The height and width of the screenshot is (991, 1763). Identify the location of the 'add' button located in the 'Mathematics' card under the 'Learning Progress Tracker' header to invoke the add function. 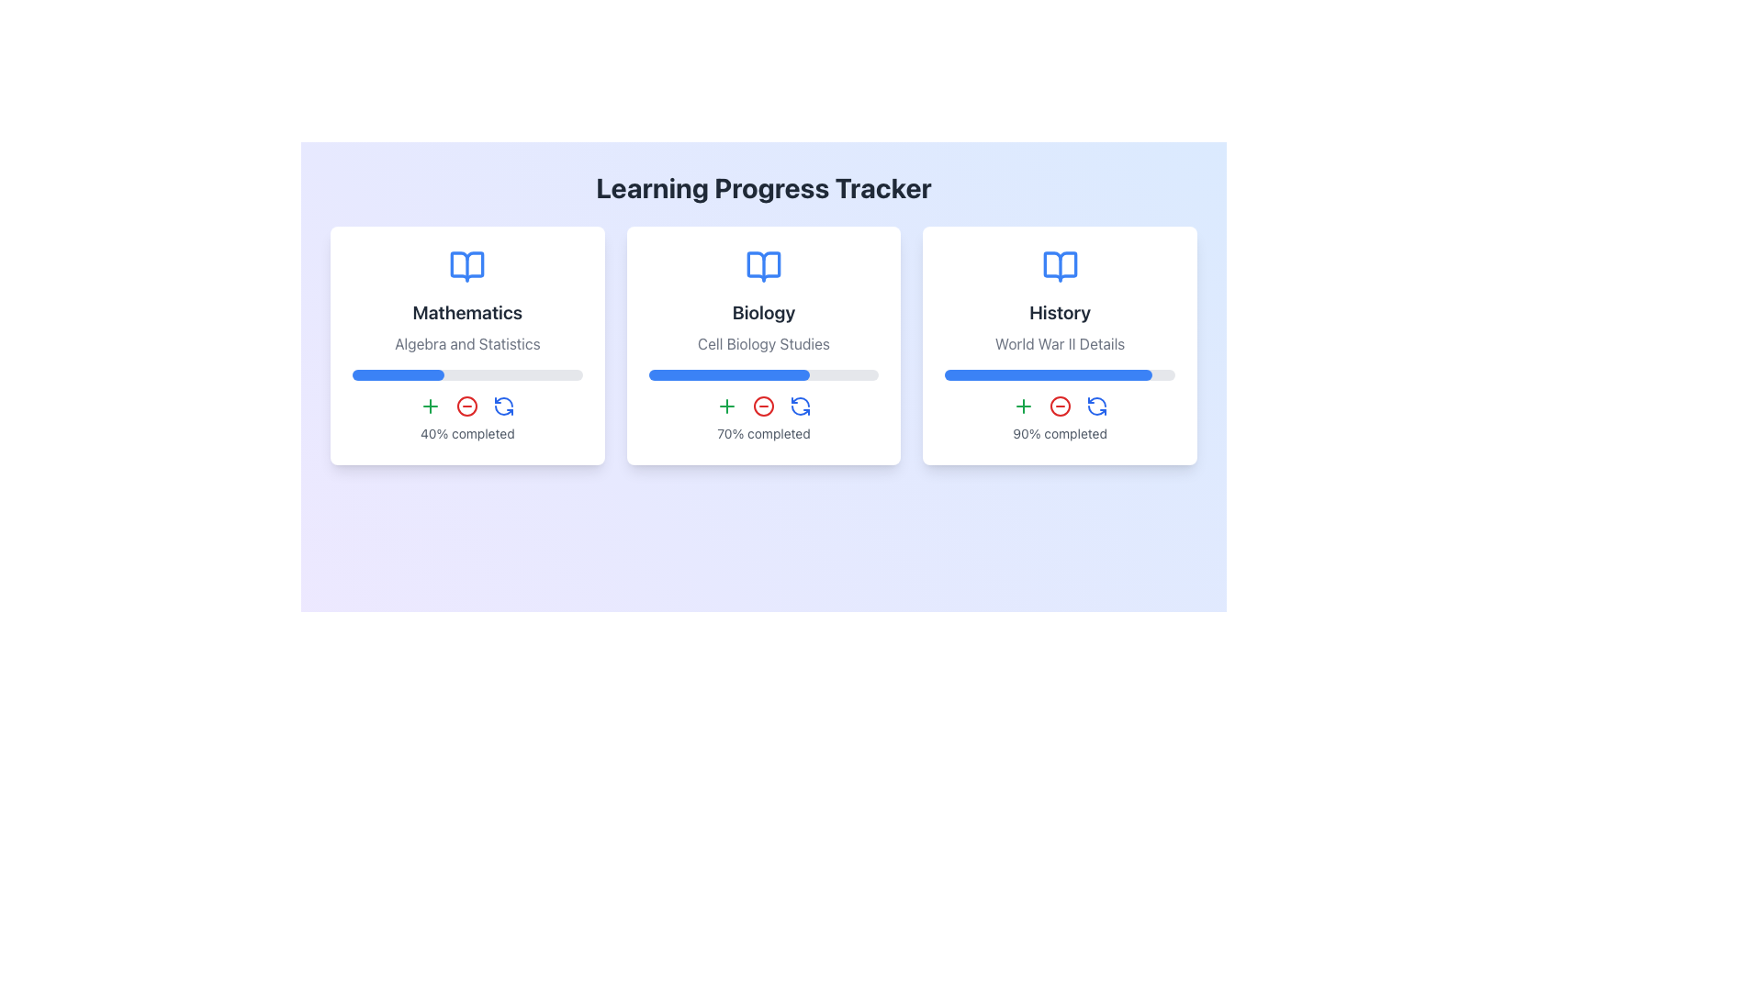
(430, 406).